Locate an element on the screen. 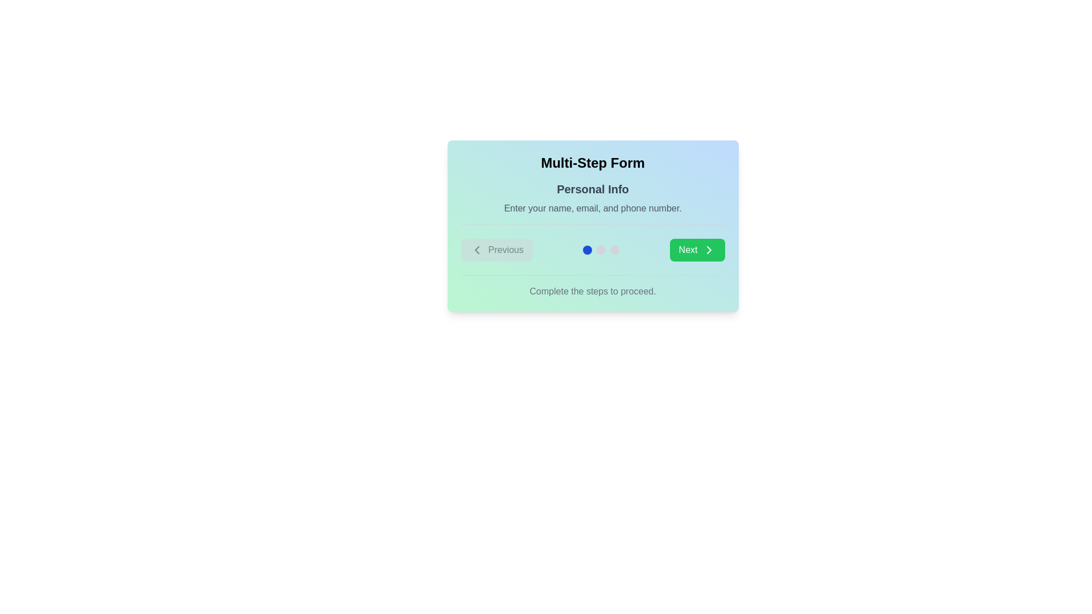  the step indicator located centrally between the 'Previous' button and the 'Next' button in the multi-step process is located at coordinates (601, 249).